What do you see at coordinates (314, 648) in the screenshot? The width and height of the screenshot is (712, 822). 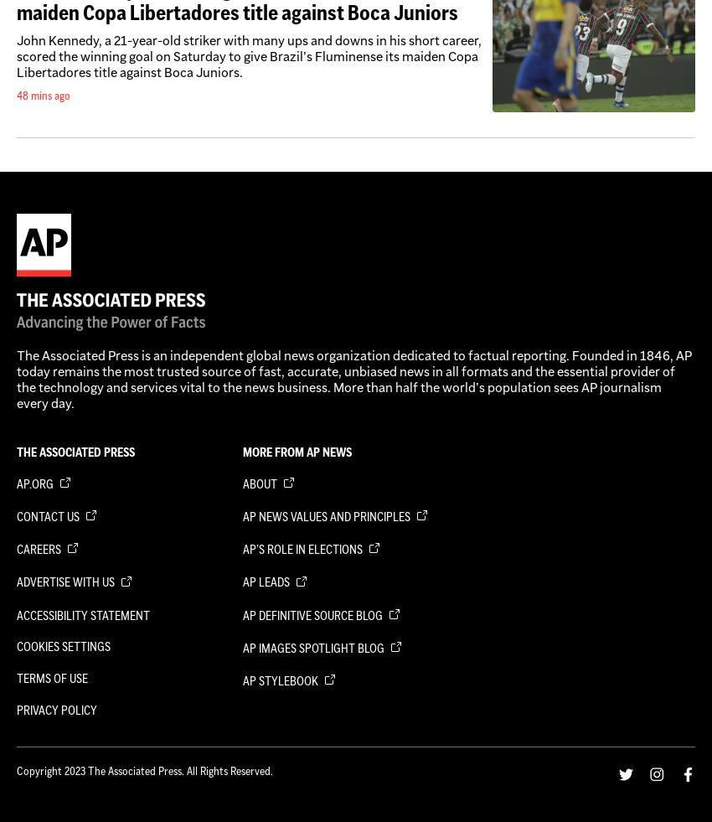 I see `'AP Images Spotlight Blog'` at bounding box center [314, 648].